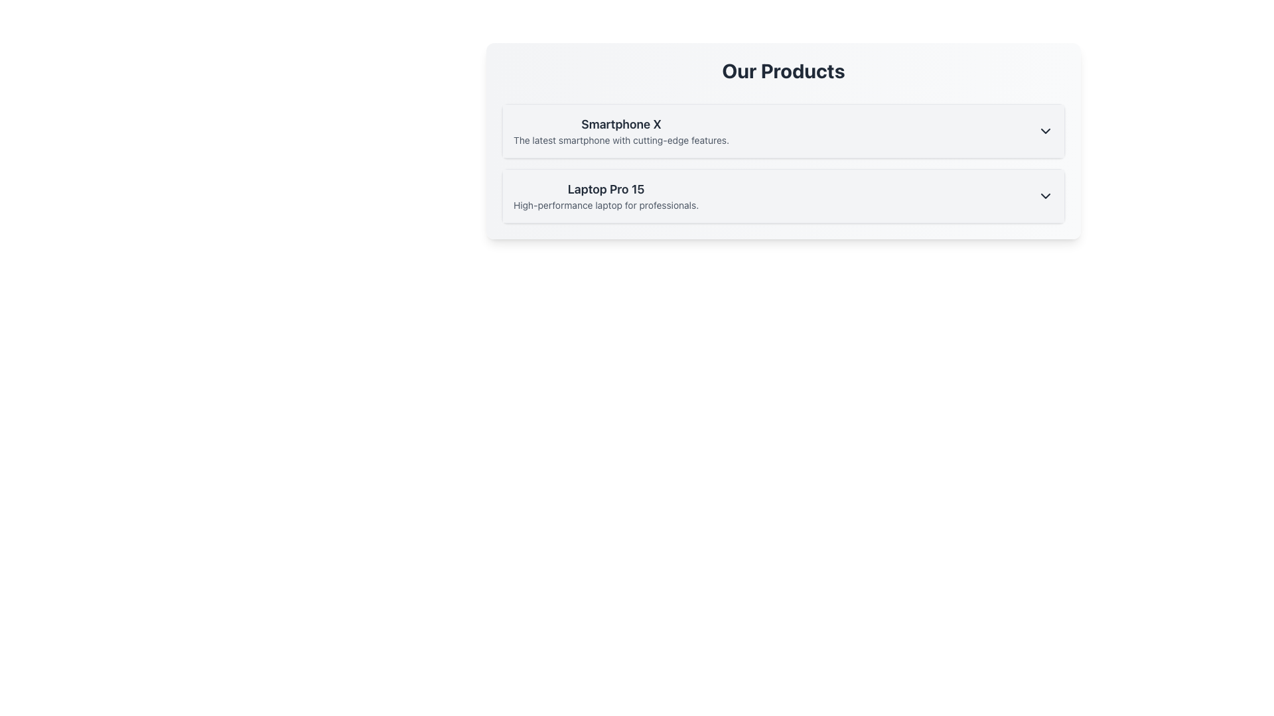 This screenshot has height=716, width=1274. Describe the element at coordinates (620, 141) in the screenshot. I see `text label that describes the latest smartphone, which is styled in a smaller gray font and is positioned beneath the title 'Smartphone X'` at that location.